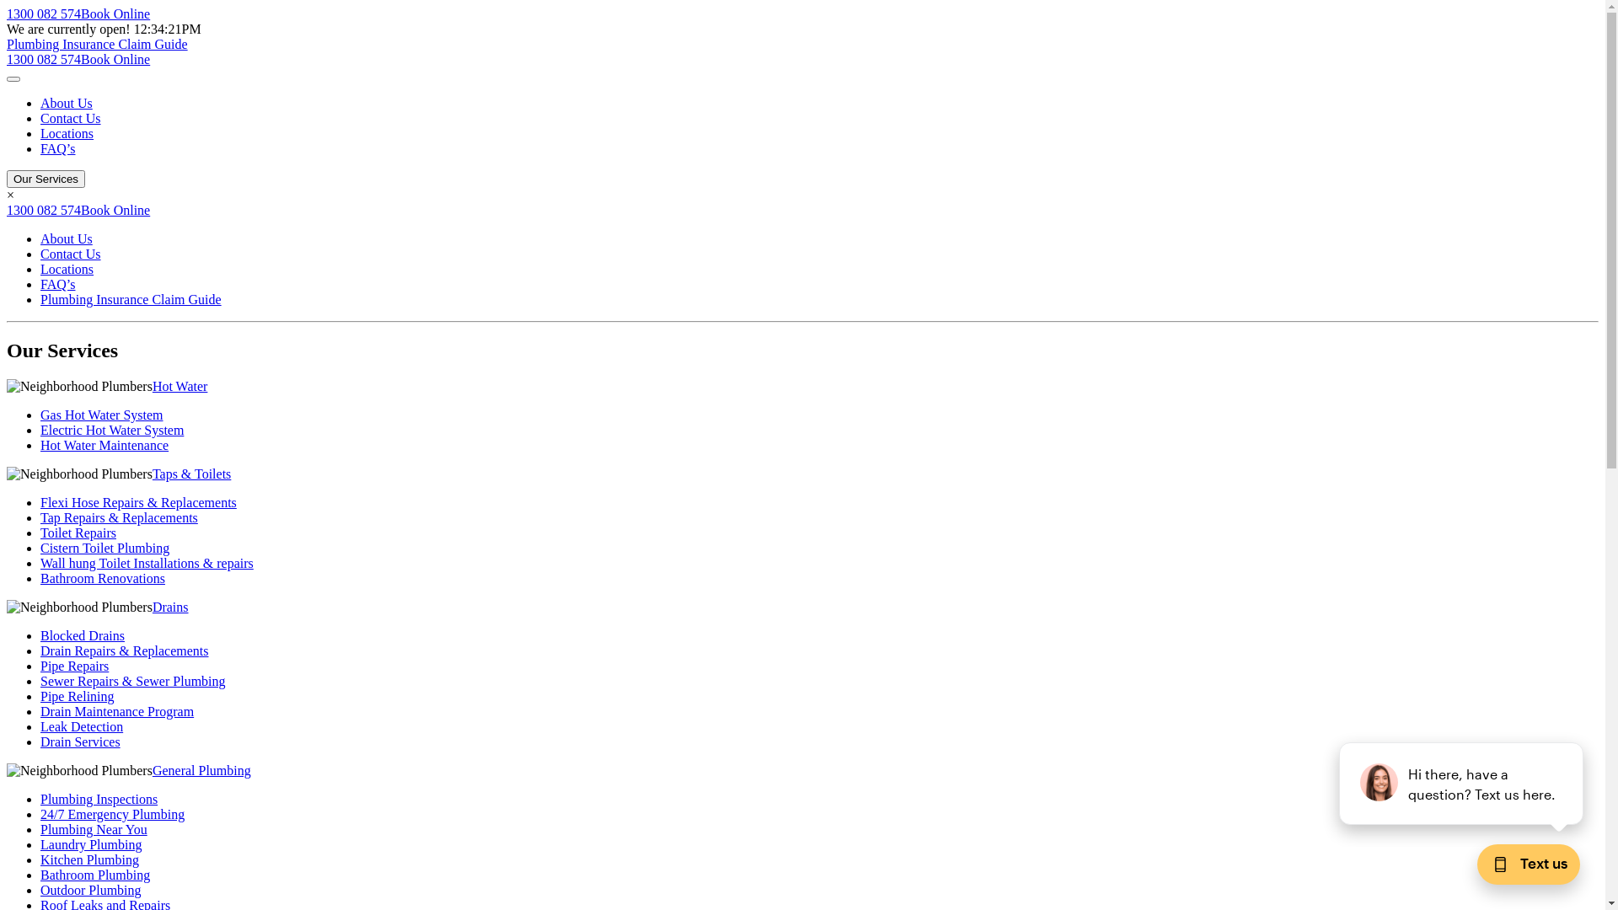  What do you see at coordinates (7, 179) in the screenshot?
I see `'Our Services'` at bounding box center [7, 179].